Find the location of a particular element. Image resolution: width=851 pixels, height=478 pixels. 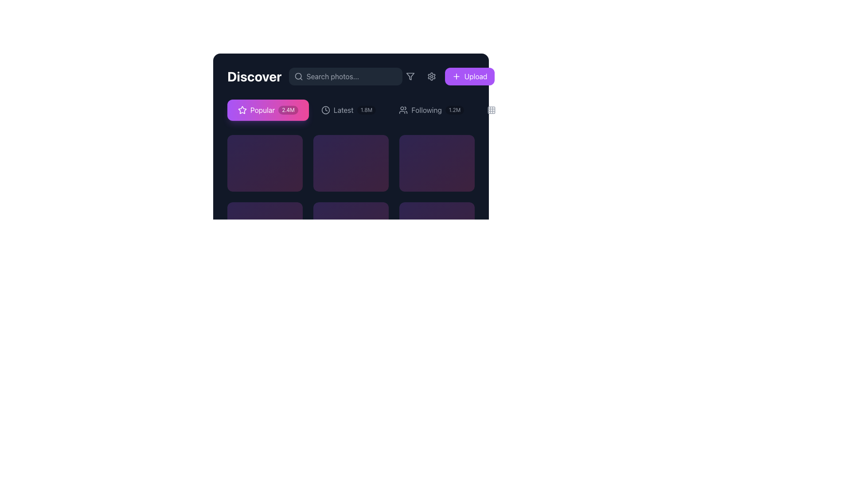

the static text label displaying 'Following', which indicates the current section the user is viewing is located at coordinates (426, 110).